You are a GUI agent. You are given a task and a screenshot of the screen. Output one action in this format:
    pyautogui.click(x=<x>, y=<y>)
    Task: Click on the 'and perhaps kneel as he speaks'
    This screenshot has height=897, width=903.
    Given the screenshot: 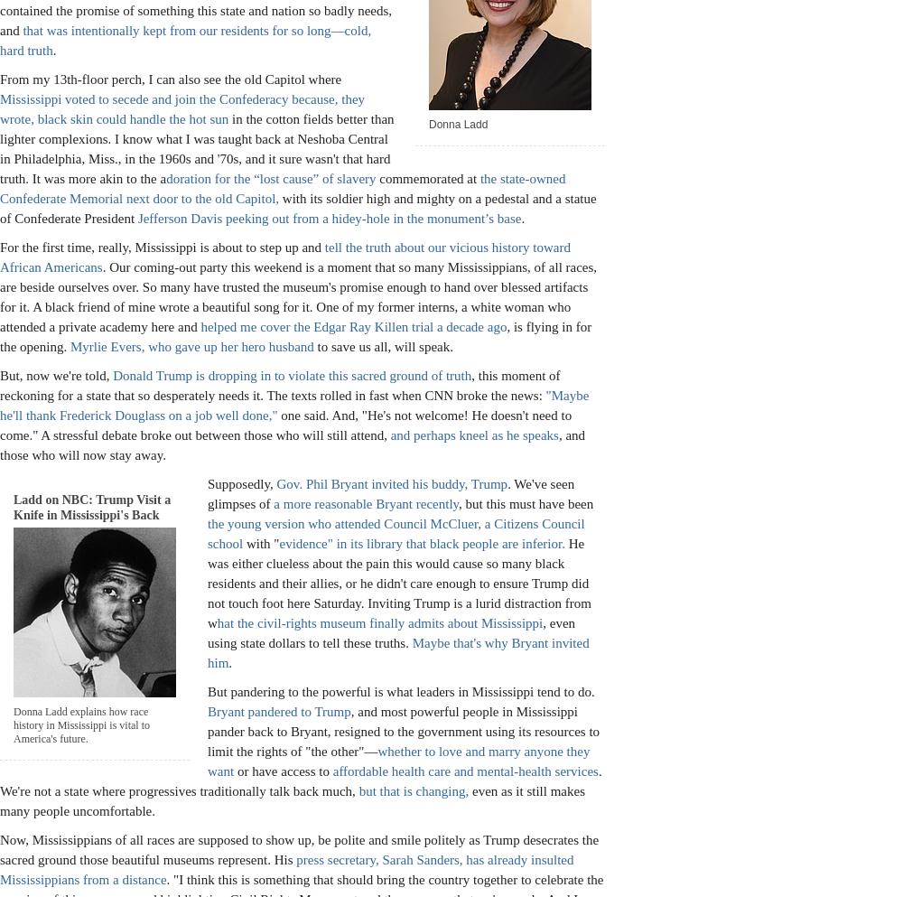 What is the action you would take?
    pyautogui.click(x=390, y=434)
    